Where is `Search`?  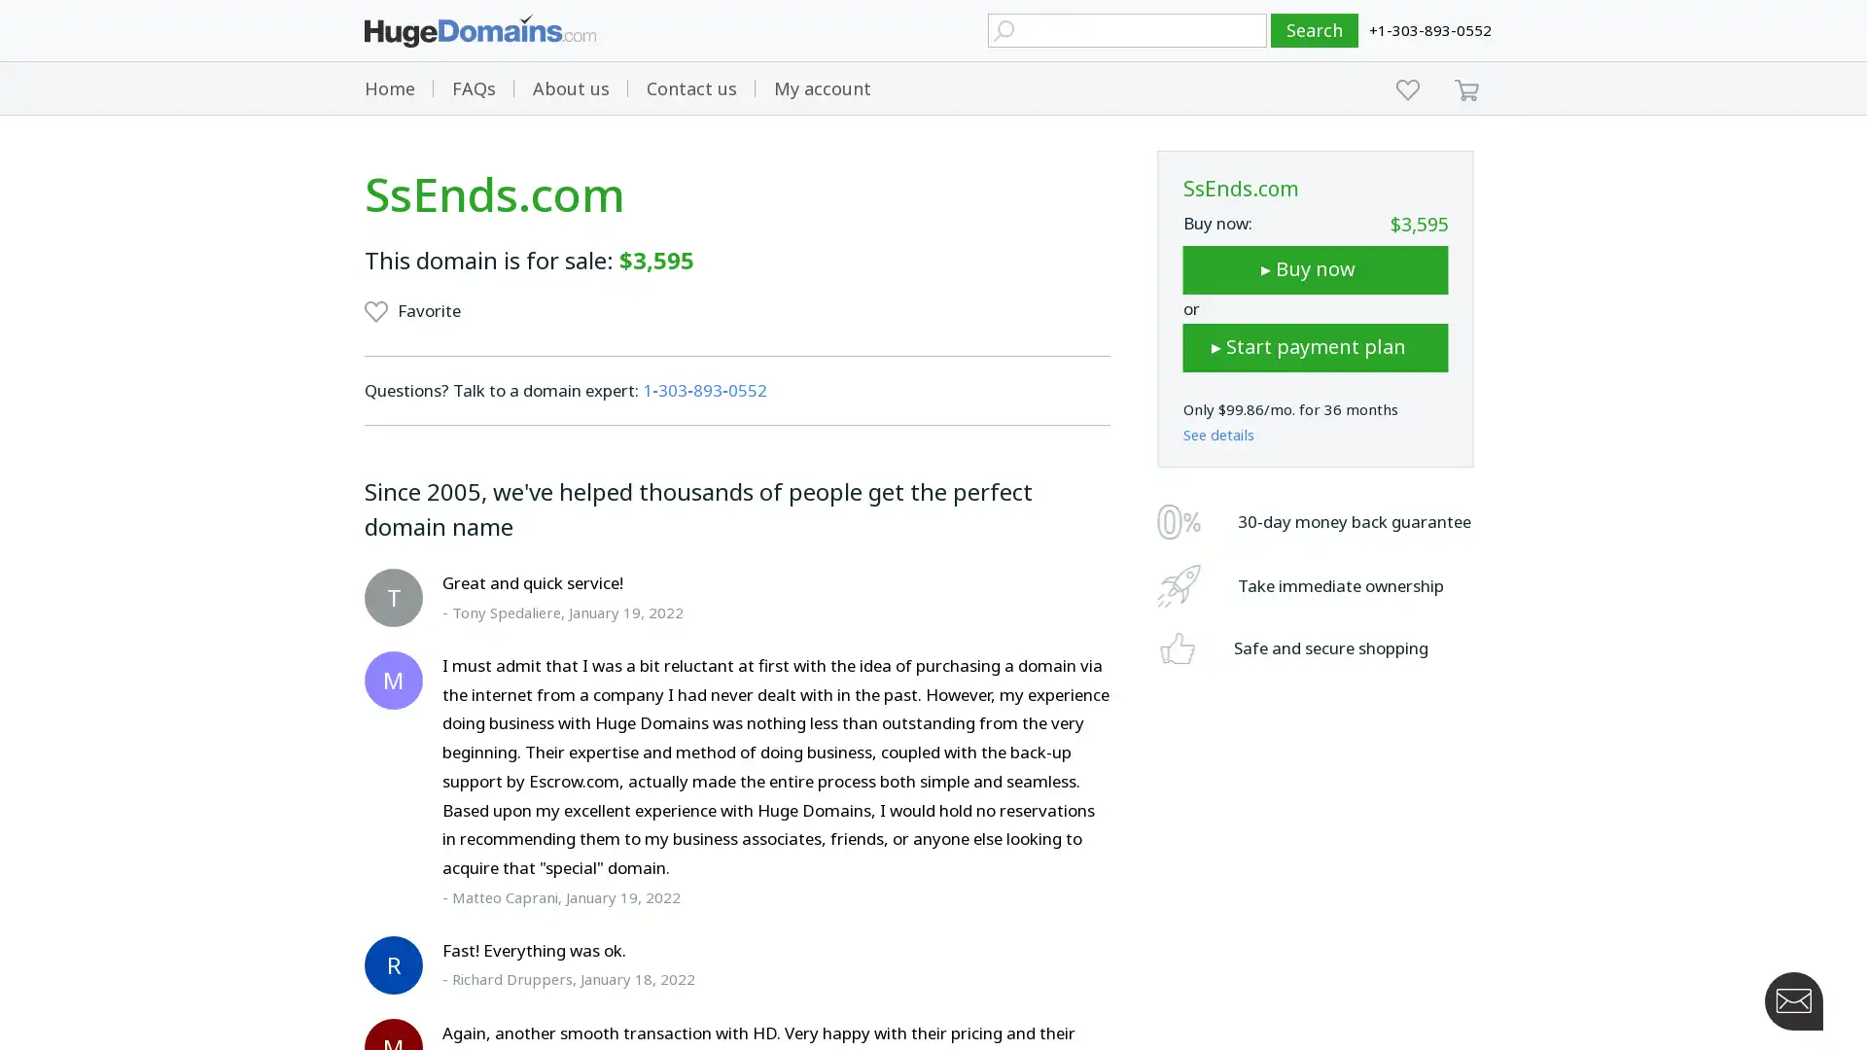
Search is located at coordinates (1315, 30).